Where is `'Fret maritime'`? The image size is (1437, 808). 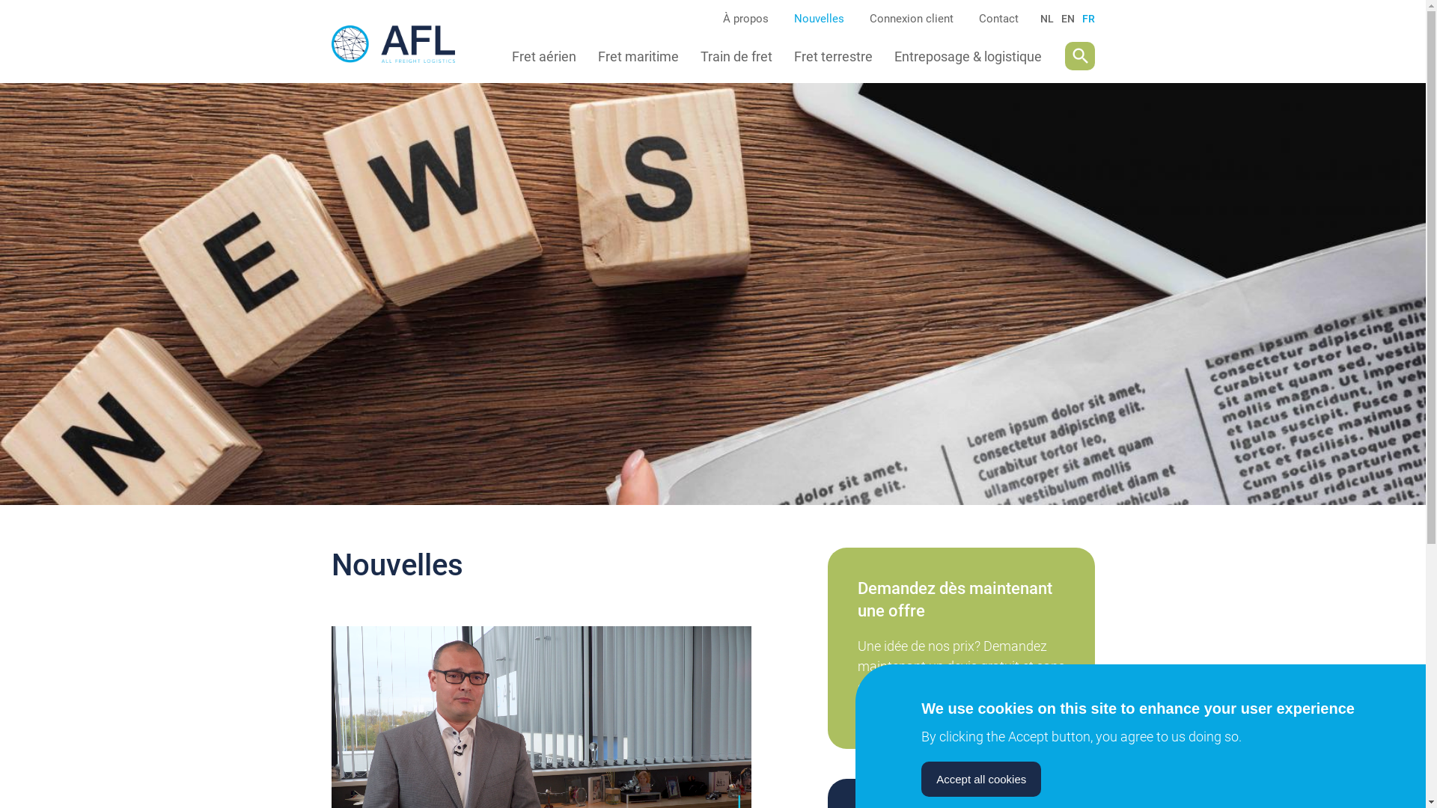 'Fret maritime' is located at coordinates (638, 55).